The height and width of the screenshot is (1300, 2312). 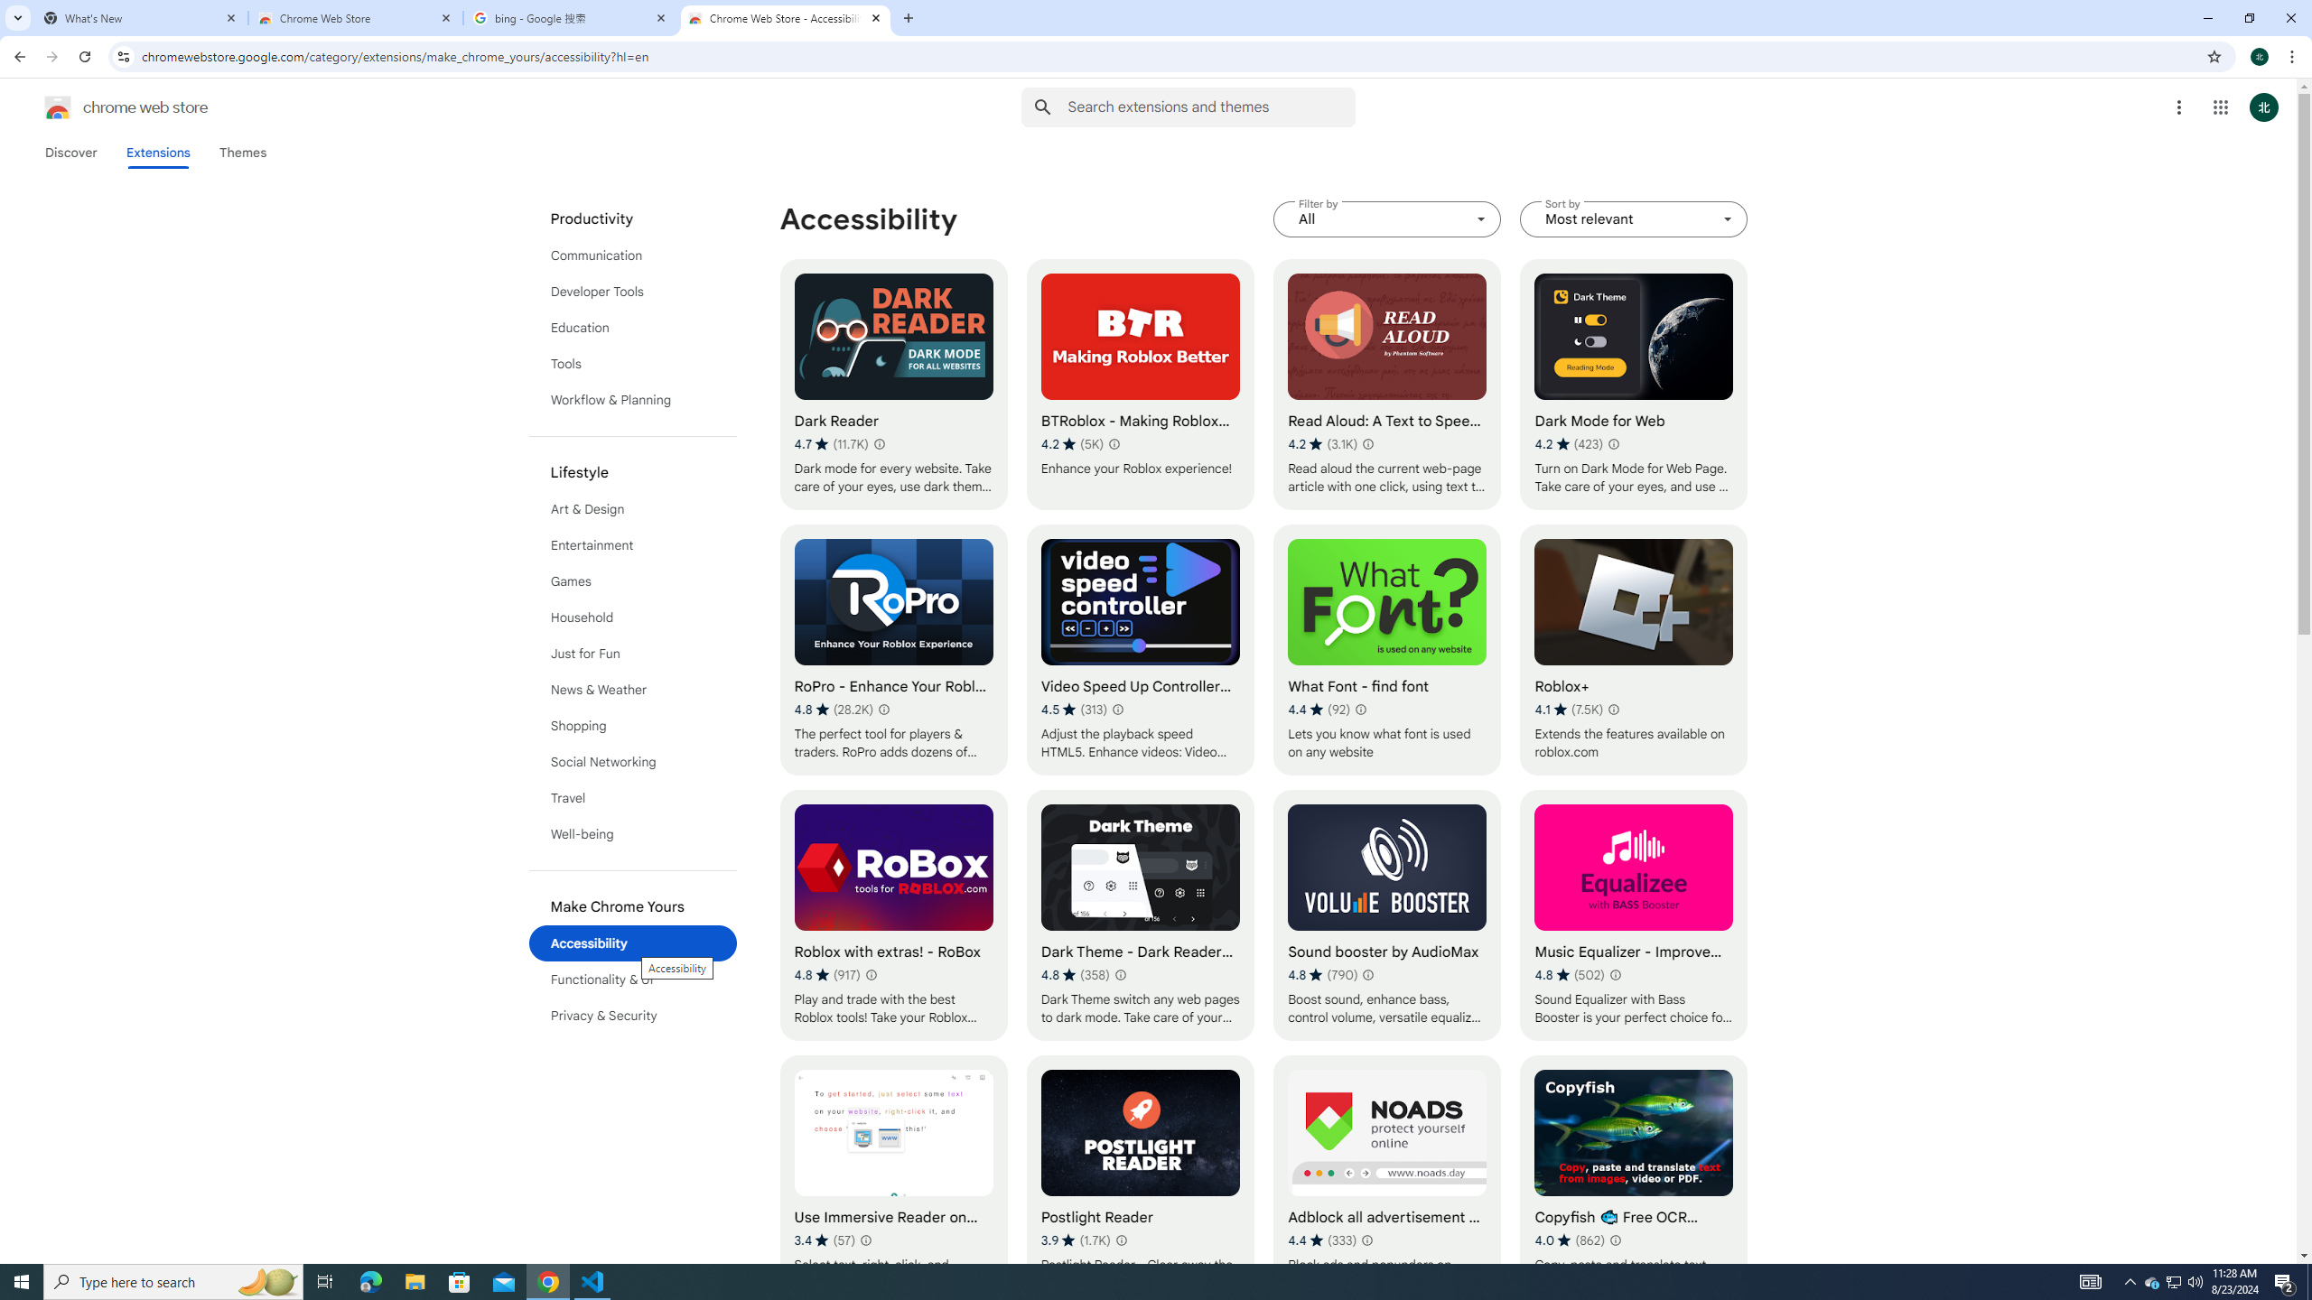 What do you see at coordinates (832, 709) in the screenshot?
I see `'Average rating 4.8 out of 5 stars. 28.2K ratings.'` at bounding box center [832, 709].